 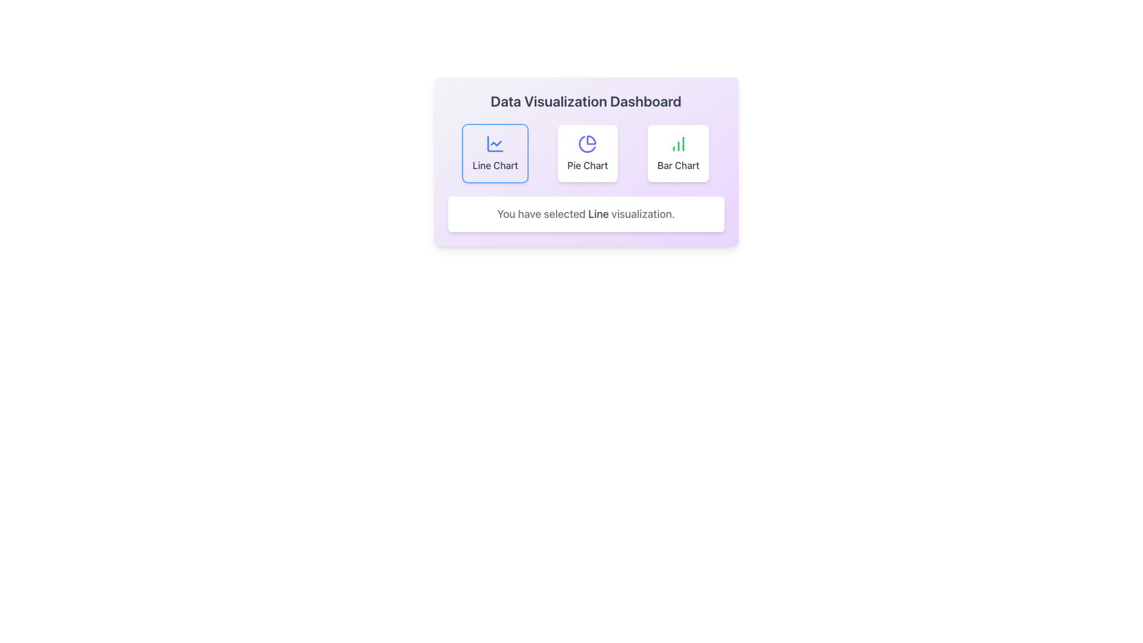 What do you see at coordinates (495, 143) in the screenshot?
I see `the 'Line Chart' graphical icon located in the top-left area of the dashboard panel to engage with the 'Line Chart' option` at bounding box center [495, 143].